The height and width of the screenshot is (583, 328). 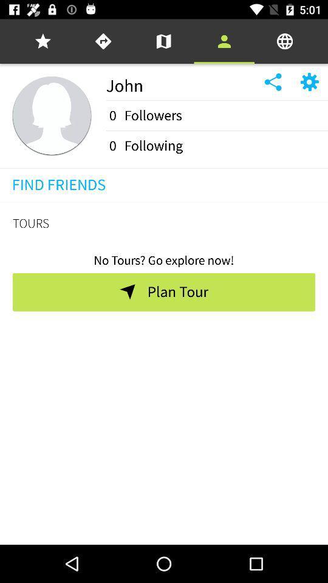 What do you see at coordinates (180, 81) in the screenshot?
I see `the john` at bounding box center [180, 81].